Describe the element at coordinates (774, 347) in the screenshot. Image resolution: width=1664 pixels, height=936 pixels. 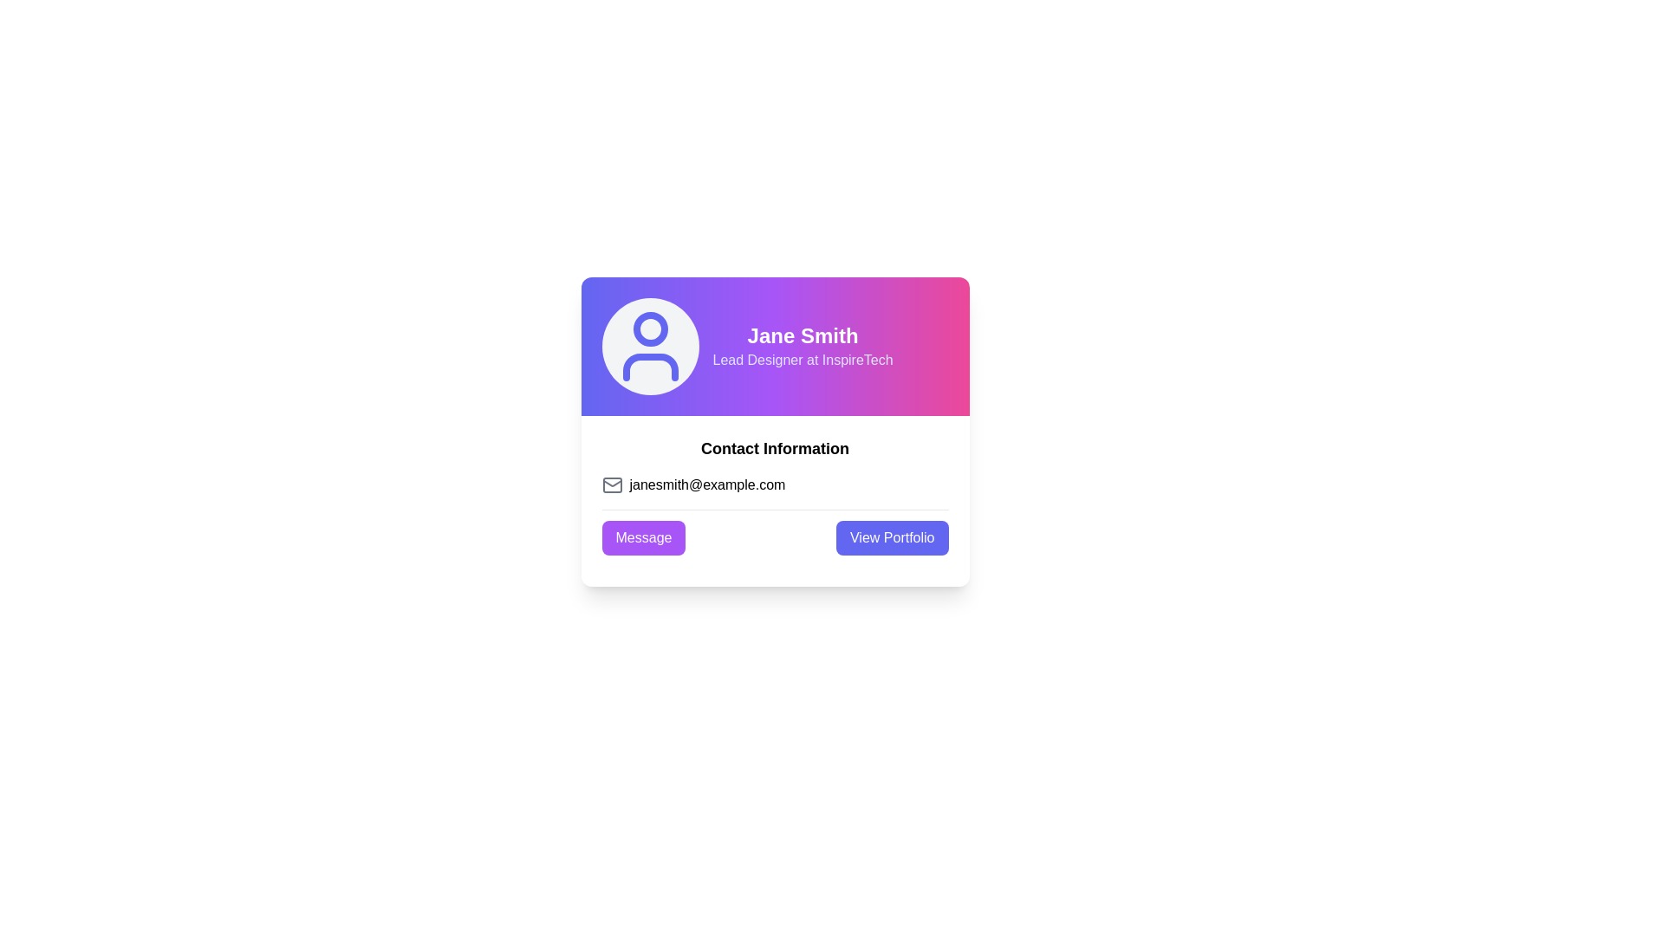
I see `the text block displaying 'Jane Smith' and 'Lead Designer at InspireTech' to potentially display additional details` at that location.